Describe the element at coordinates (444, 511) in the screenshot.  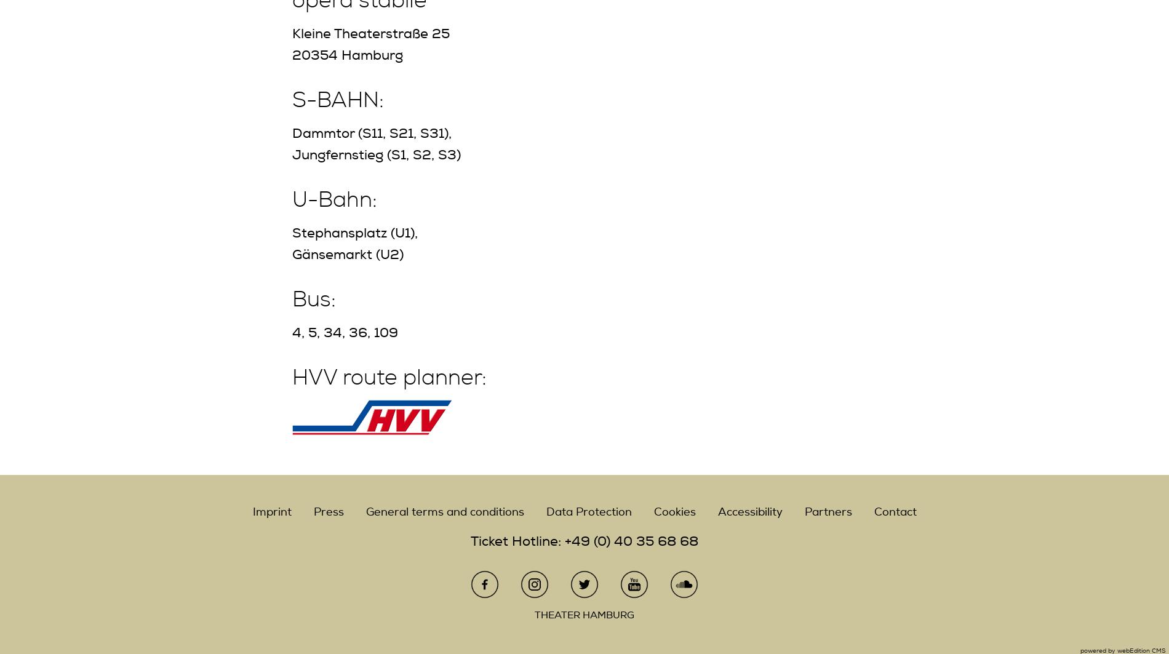
I see `'General terms and conditions'` at that location.